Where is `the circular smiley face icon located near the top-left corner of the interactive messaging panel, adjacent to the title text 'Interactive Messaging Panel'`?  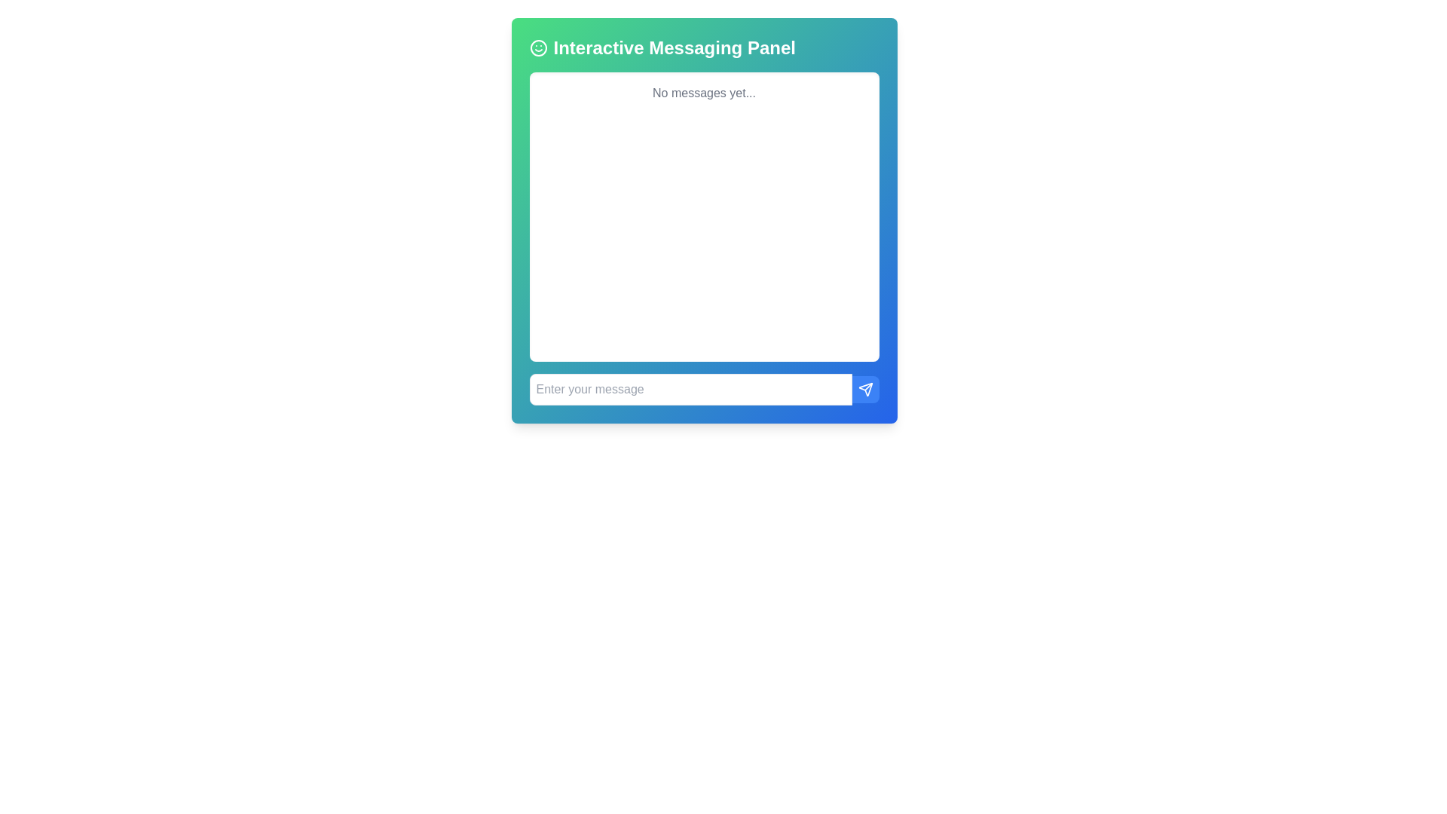
the circular smiley face icon located near the top-left corner of the interactive messaging panel, adjacent to the title text 'Interactive Messaging Panel' is located at coordinates (538, 47).